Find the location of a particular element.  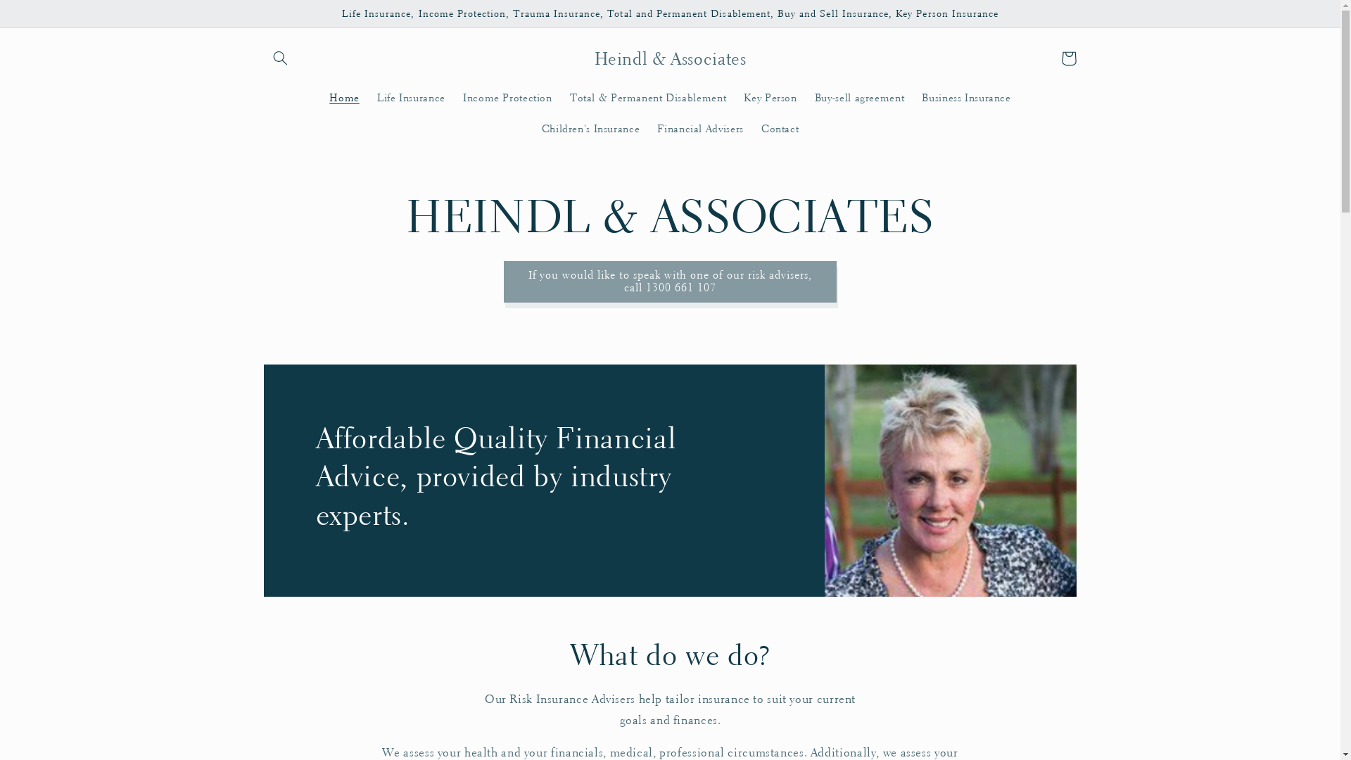

'Life Insurance' is located at coordinates (410, 96).